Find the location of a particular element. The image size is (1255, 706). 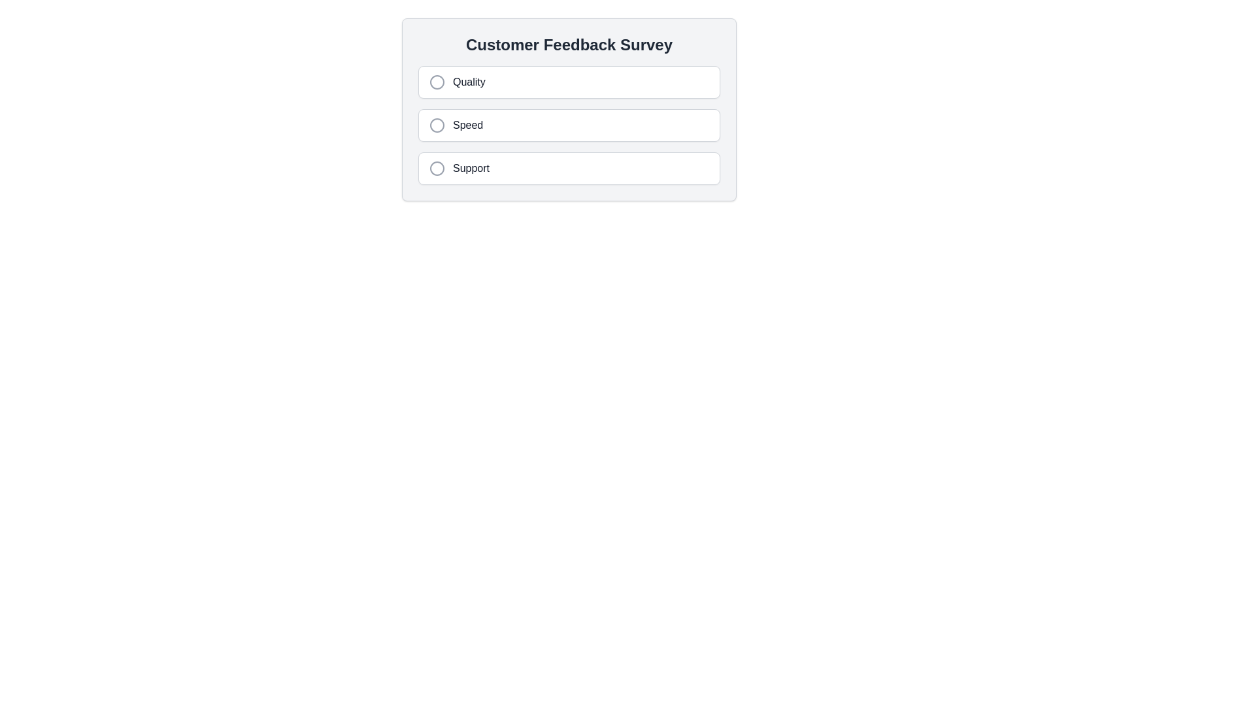

the radio button option labeled 'Speed', which is the second option in a vertical list of radio buttons is located at coordinates (569, 126).